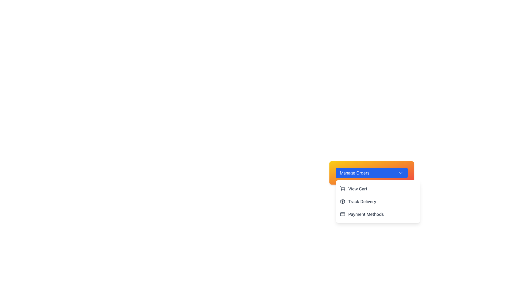 This screenshot has height=286, width=508. I want to click on the 'View Cart' icon, which is located at the beginning of the 'View Cart' menu option, aligned to the left of the text label in the dropdown menu, so click(342, 189).